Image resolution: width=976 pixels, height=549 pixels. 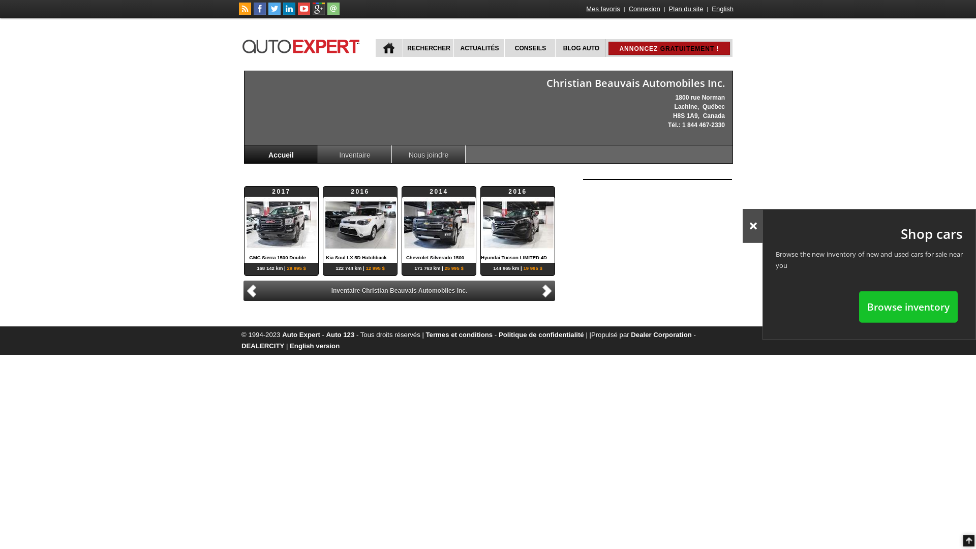 What do you see at coordinates (429, 154) in the screenshot?
I see `'Nous joindre'` at bounding box center [429, 154].